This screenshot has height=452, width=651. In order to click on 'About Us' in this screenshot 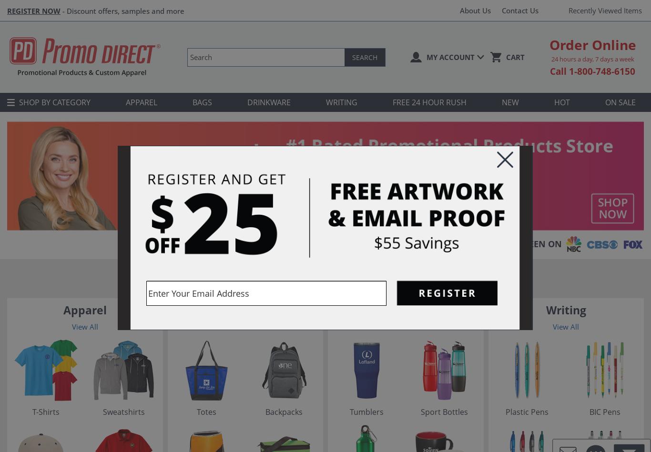, I will do `click(459, 10)`.